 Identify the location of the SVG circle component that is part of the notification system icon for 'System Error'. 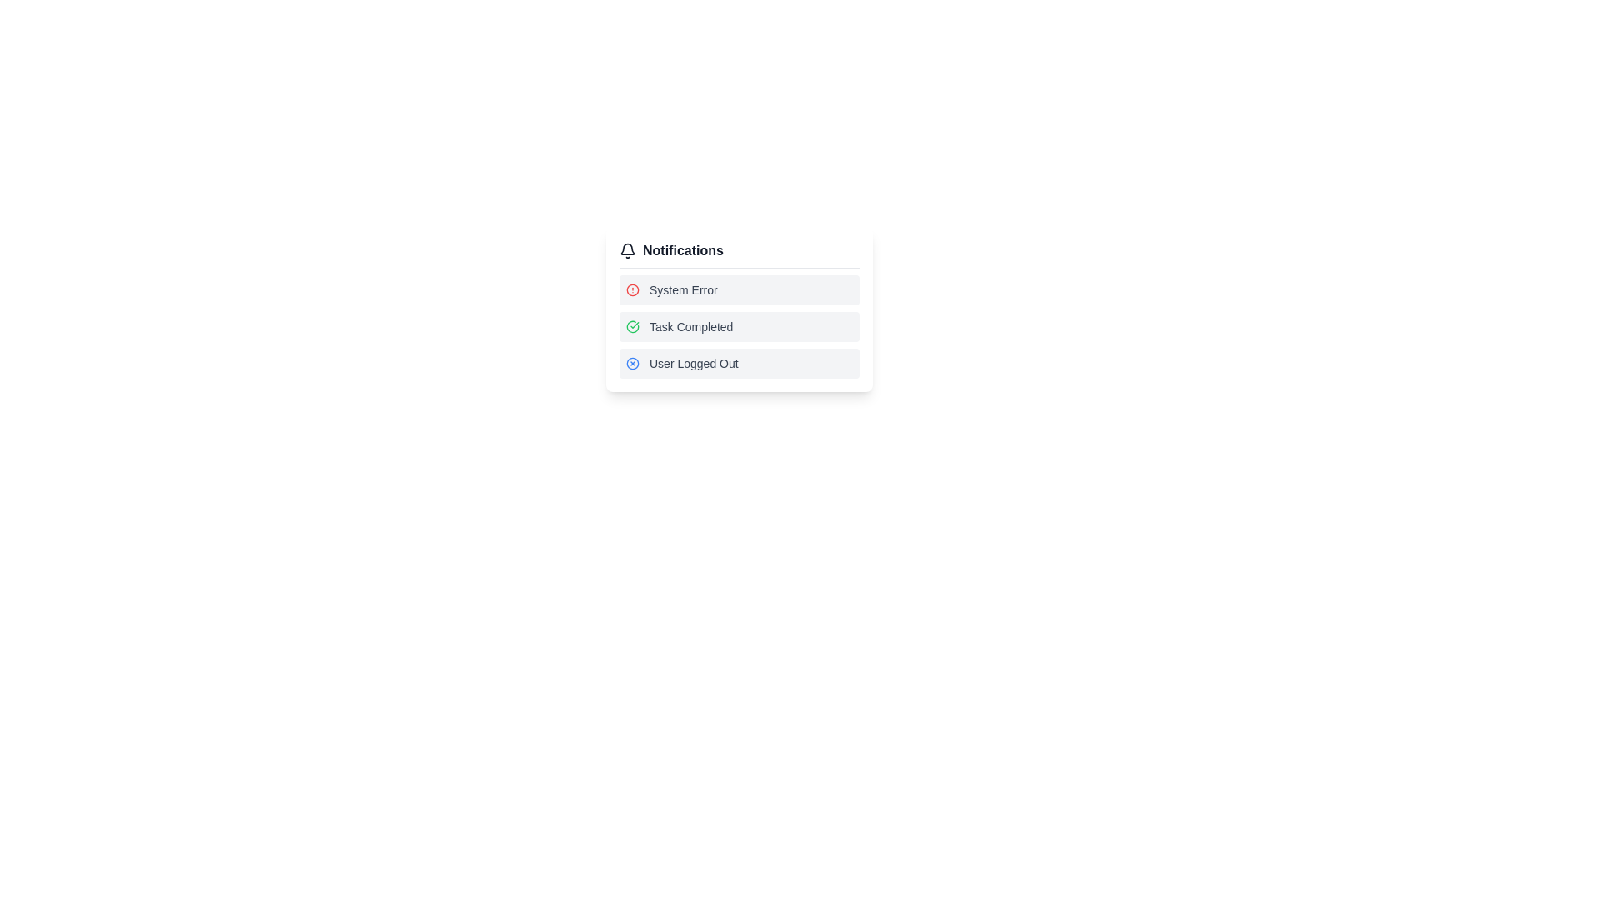
(631, 362).